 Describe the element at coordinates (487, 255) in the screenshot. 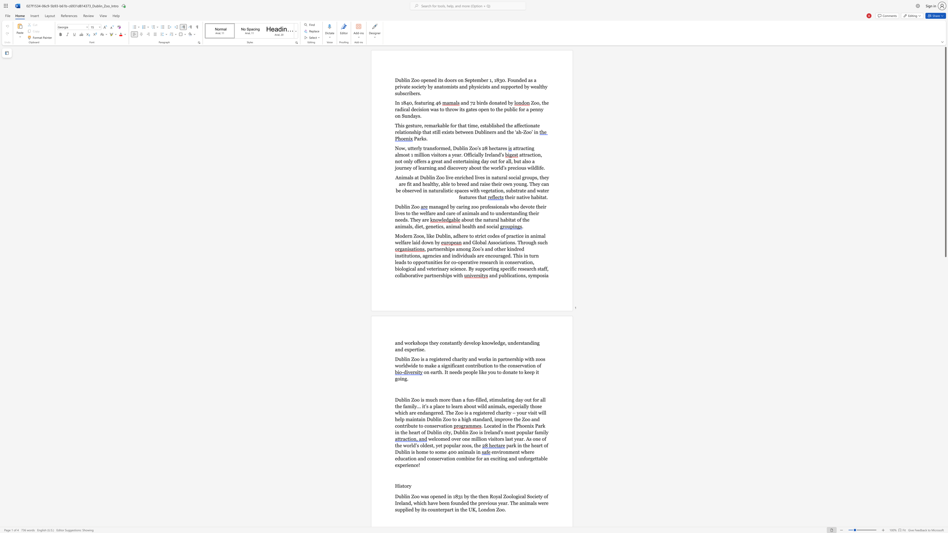

I see `the 7th character "e" in the text` at that location.